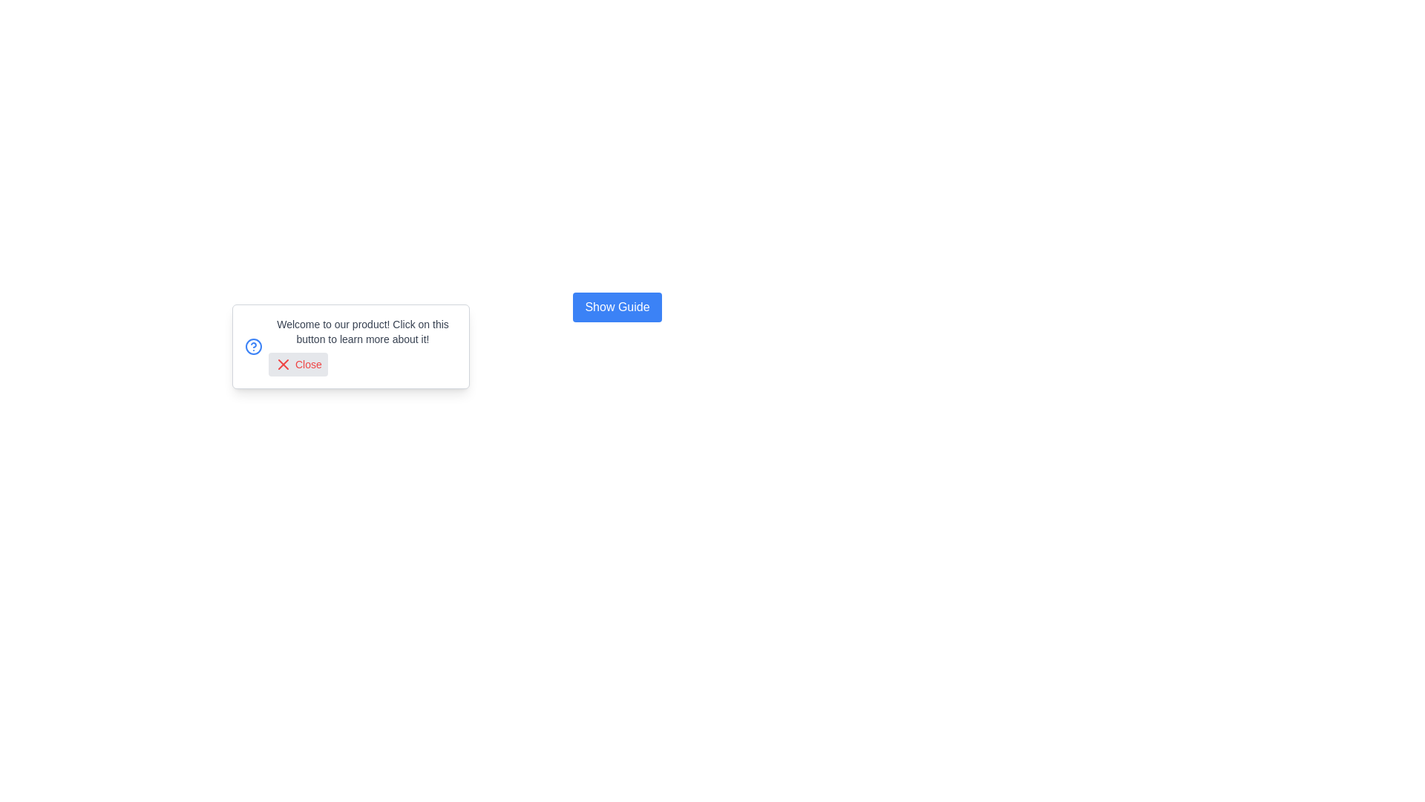 Image resolution: width=1425 pixels, height=802 pixels. What do you see at coordinates (253, 346) in the screenshot?
I see `the help or information icon located in the top-left corner of the dialog box containing a welcome message and a Close button` at bounding box center [253, 346].